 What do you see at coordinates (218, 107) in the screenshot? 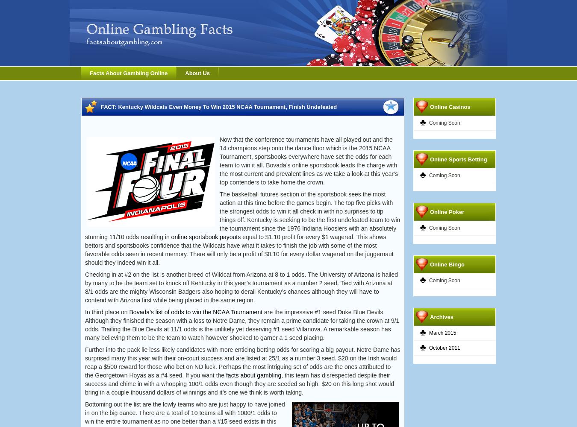
I see `'FACT: Kentucky Wildcats Even Money To Win 2015 NCAA Tournament, Finish Undefeated'` at bounding box center [218, 107].